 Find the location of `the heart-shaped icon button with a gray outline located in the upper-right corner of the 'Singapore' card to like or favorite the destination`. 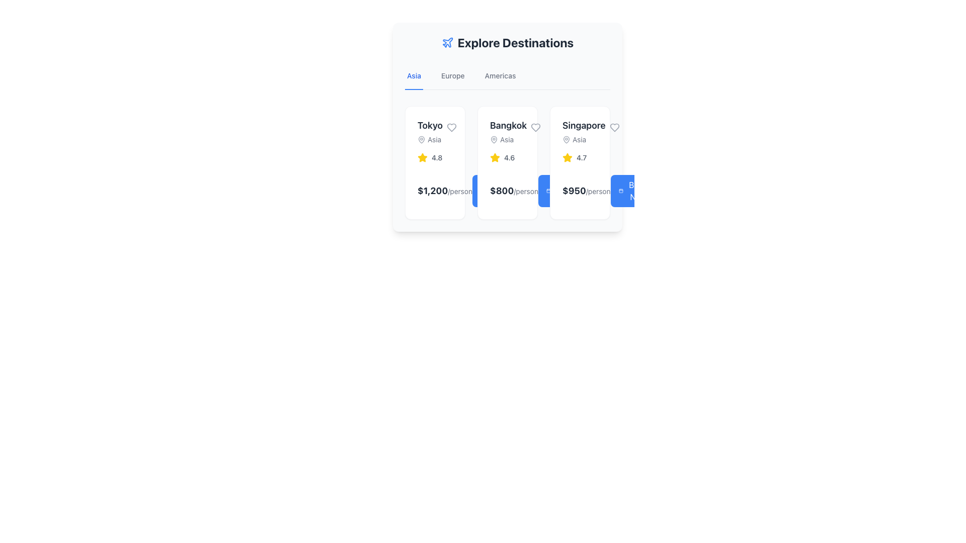

the heart-shaped icon button with a gray outline located in the upper-right corner of the 'Singapore' card to like or favorite the destination is located at coordinates (614, 127).